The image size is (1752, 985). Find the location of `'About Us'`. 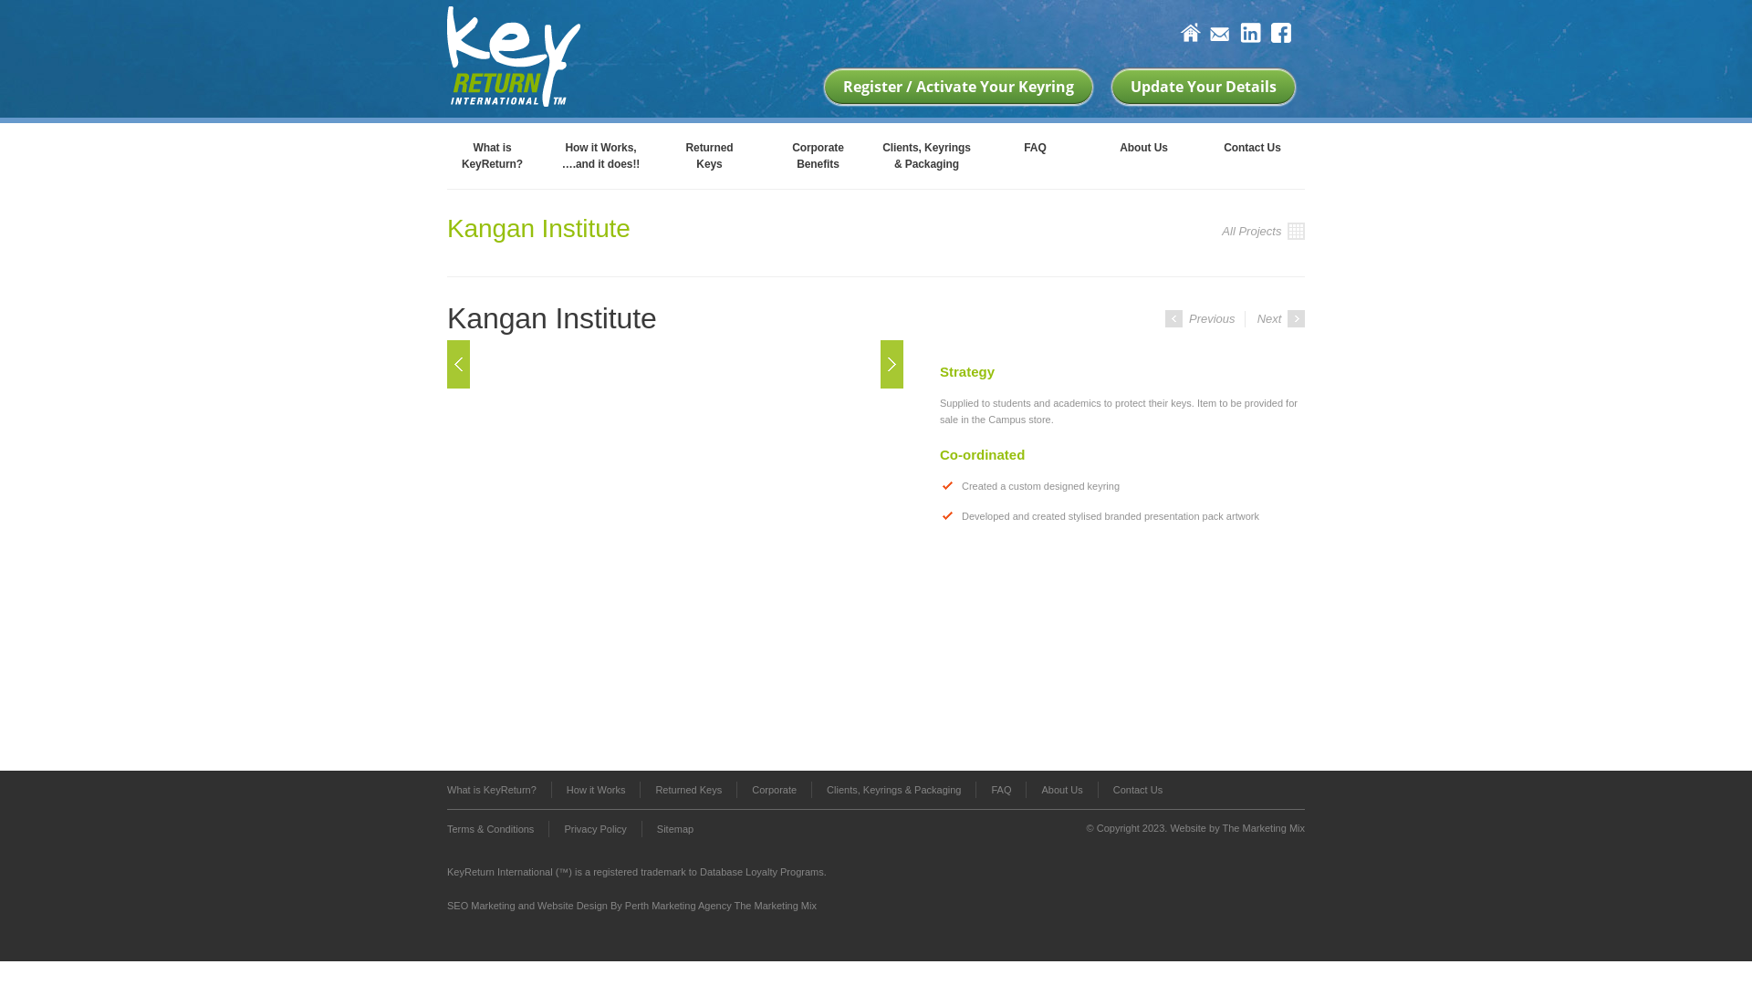

'About Us' is located at coordinates (1025, 789).